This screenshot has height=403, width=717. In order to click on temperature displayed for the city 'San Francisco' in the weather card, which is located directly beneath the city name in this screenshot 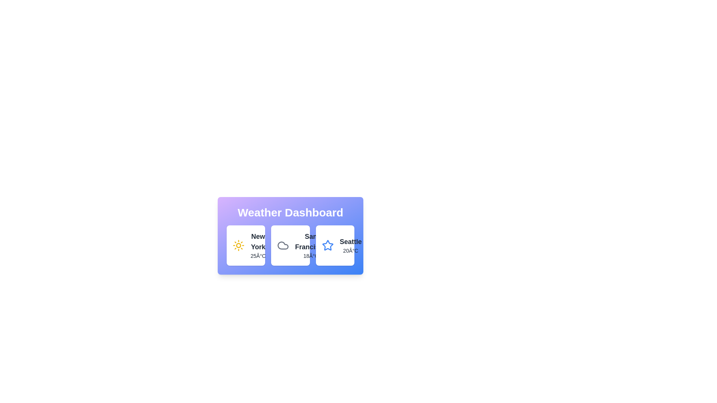, I will do `click(311, 256)`.